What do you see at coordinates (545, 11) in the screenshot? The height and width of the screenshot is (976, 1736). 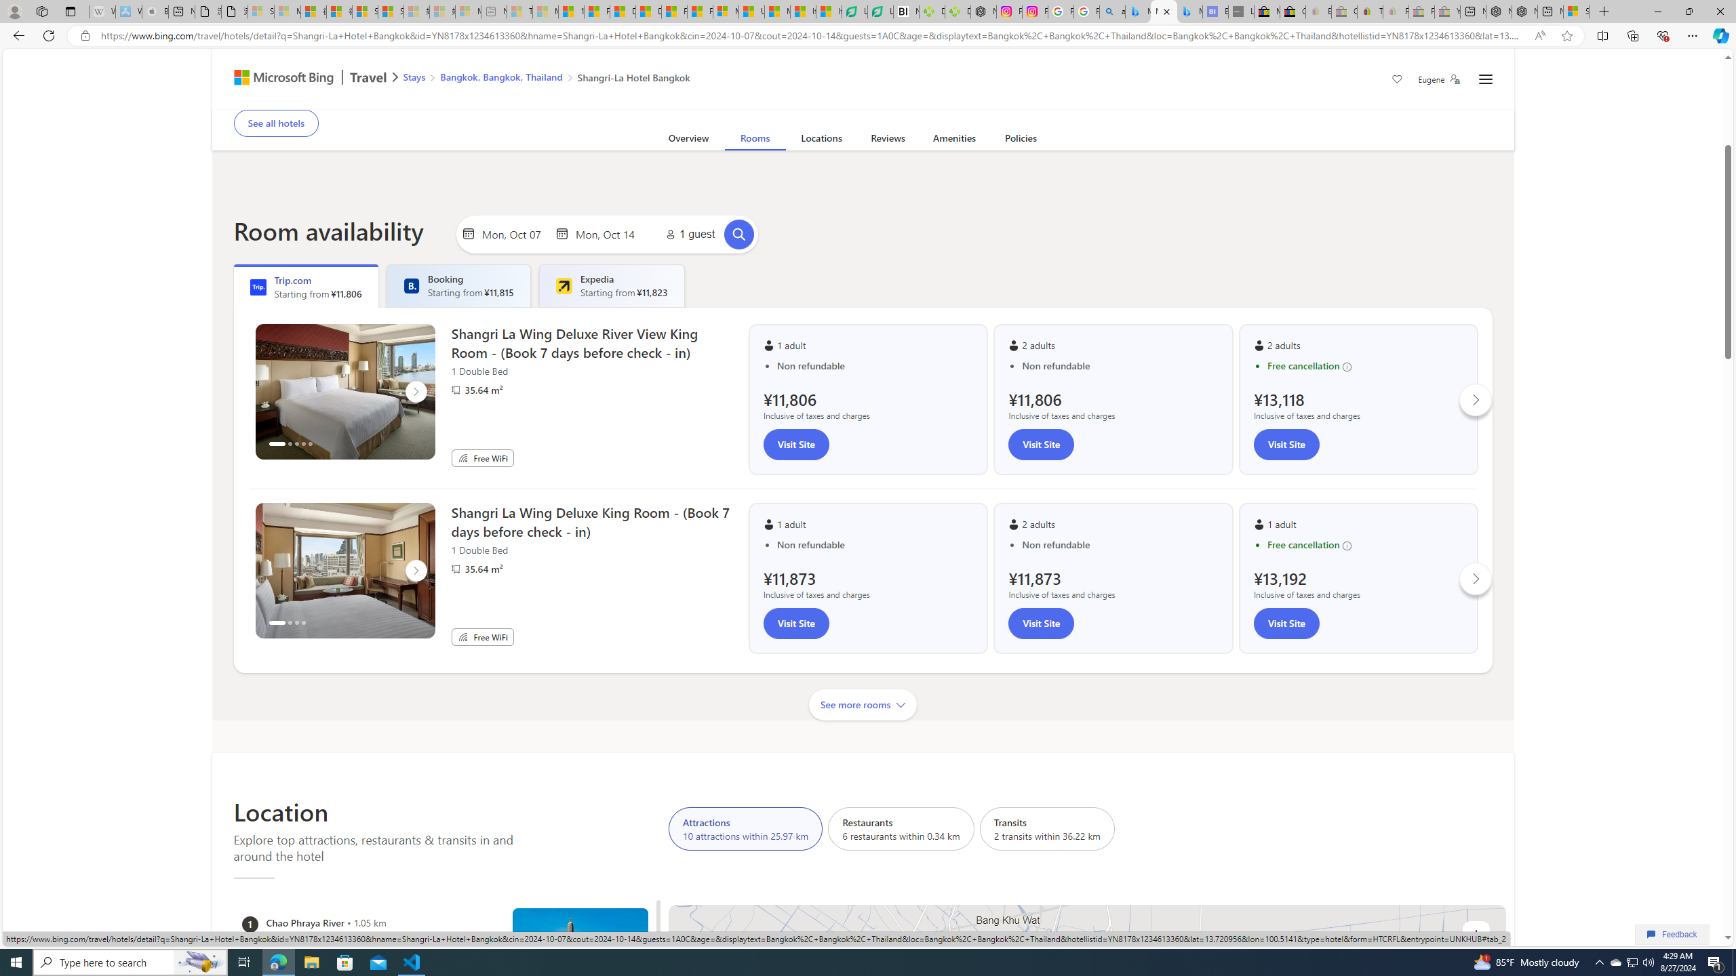 I see `'Marine life - MSN - Sleeping'` at bounding box center [545, 11].